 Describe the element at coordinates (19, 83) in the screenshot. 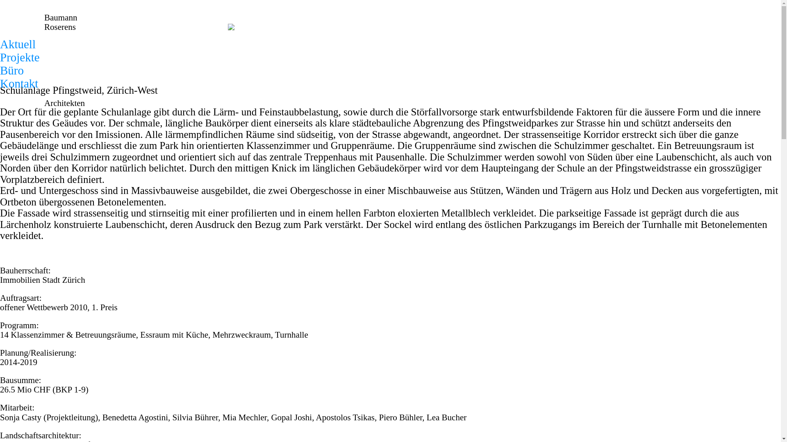

I see `'Kontakt'` at that location.